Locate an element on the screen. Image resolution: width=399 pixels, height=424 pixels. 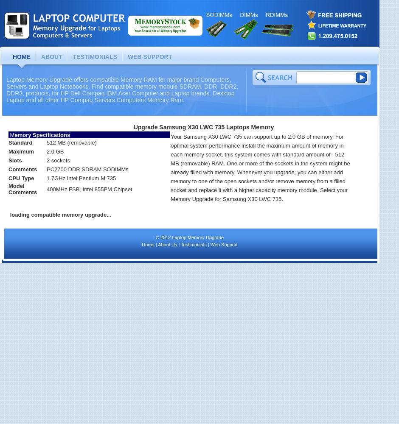
'M' is located at coordinates (11, 134).